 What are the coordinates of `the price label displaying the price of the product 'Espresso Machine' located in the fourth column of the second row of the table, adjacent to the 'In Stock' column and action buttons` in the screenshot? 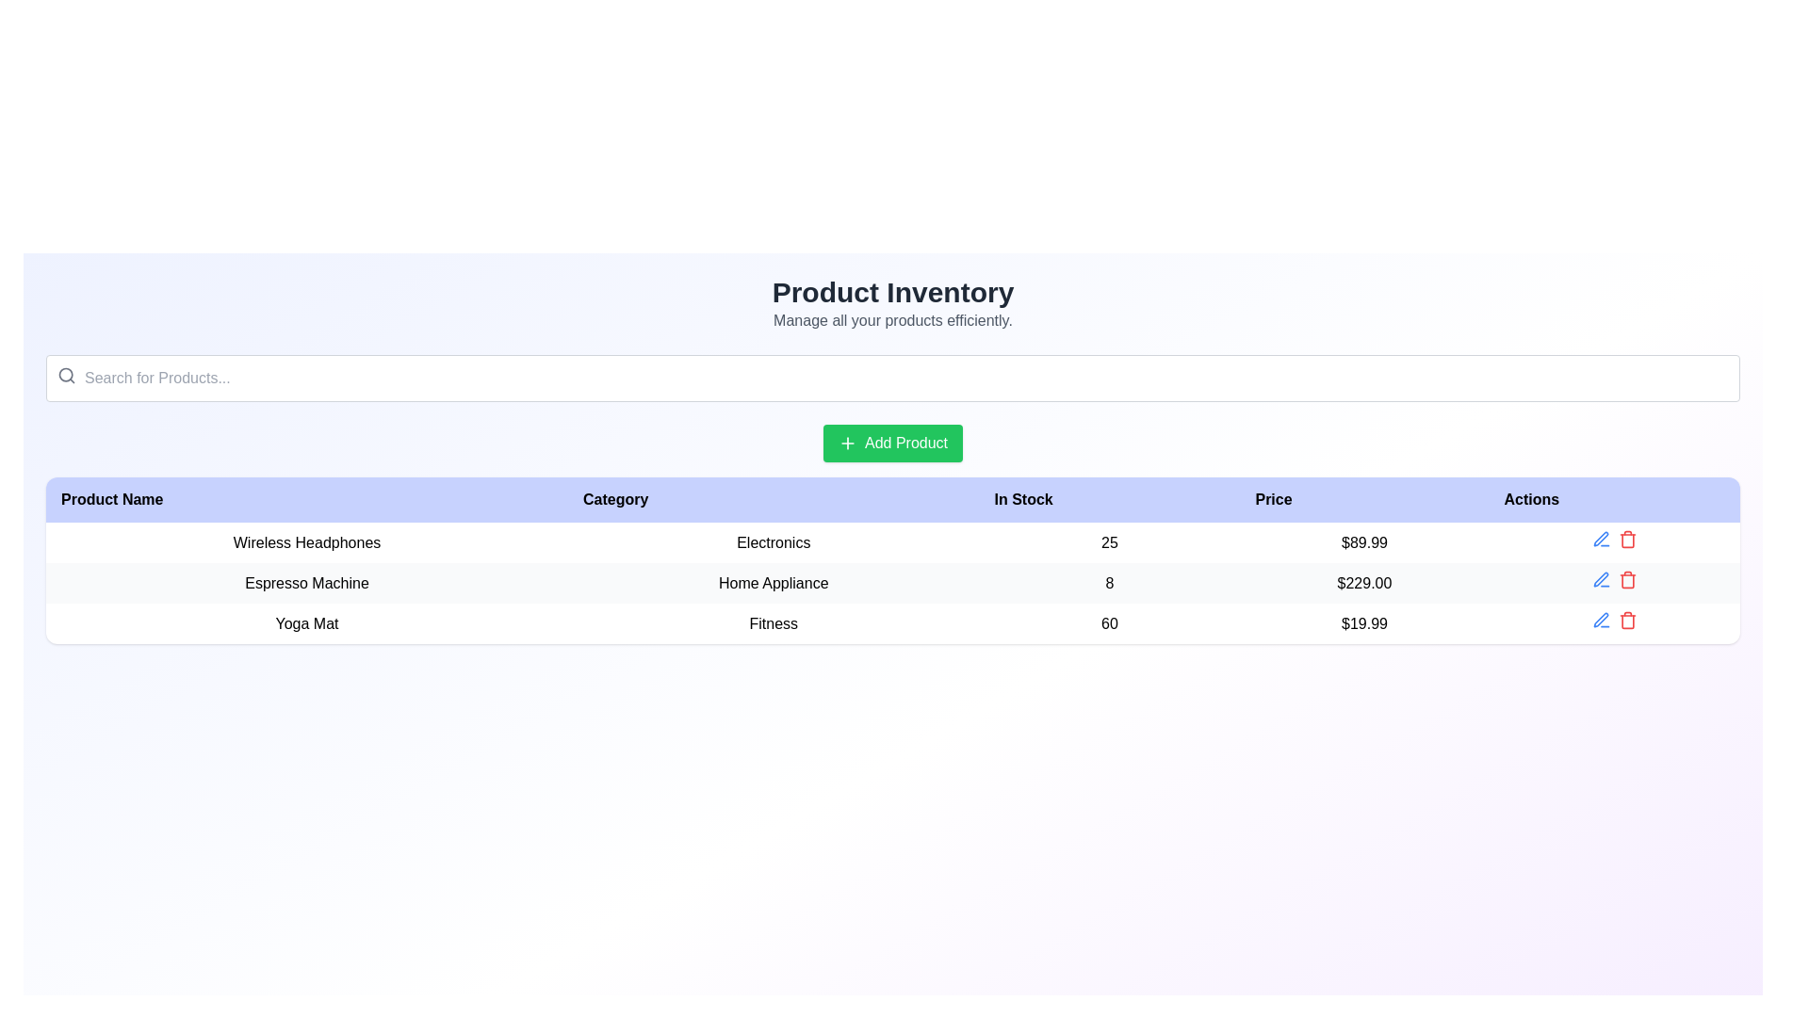 It's located at (1364, 582).